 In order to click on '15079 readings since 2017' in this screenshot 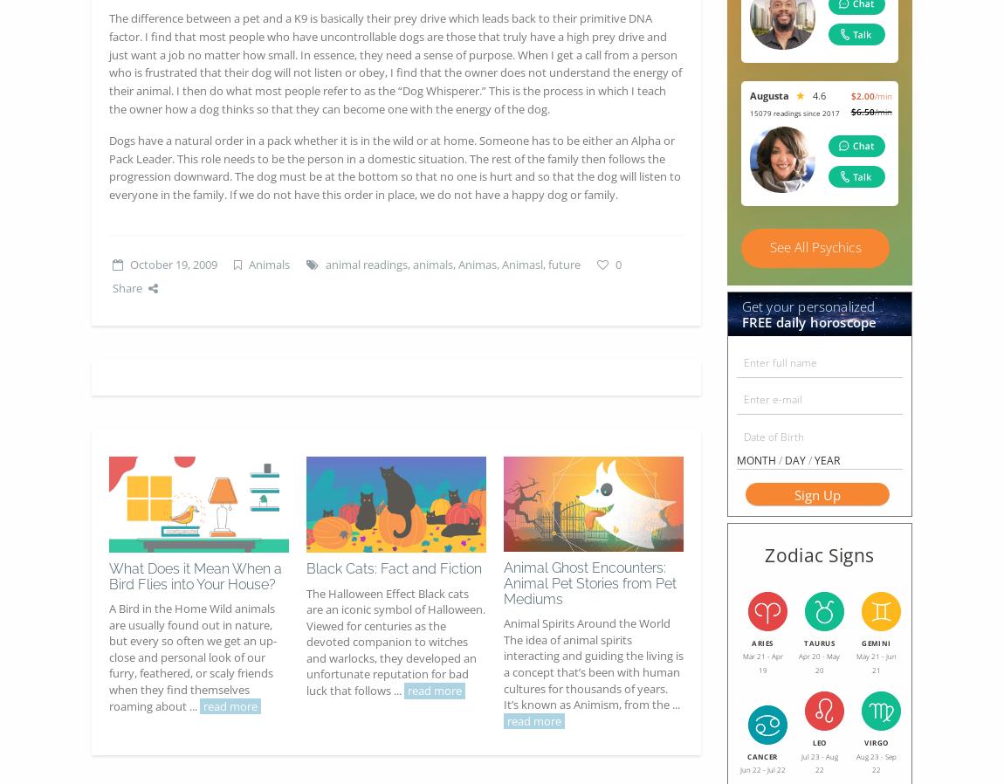, I will do `click(794, 112)`.